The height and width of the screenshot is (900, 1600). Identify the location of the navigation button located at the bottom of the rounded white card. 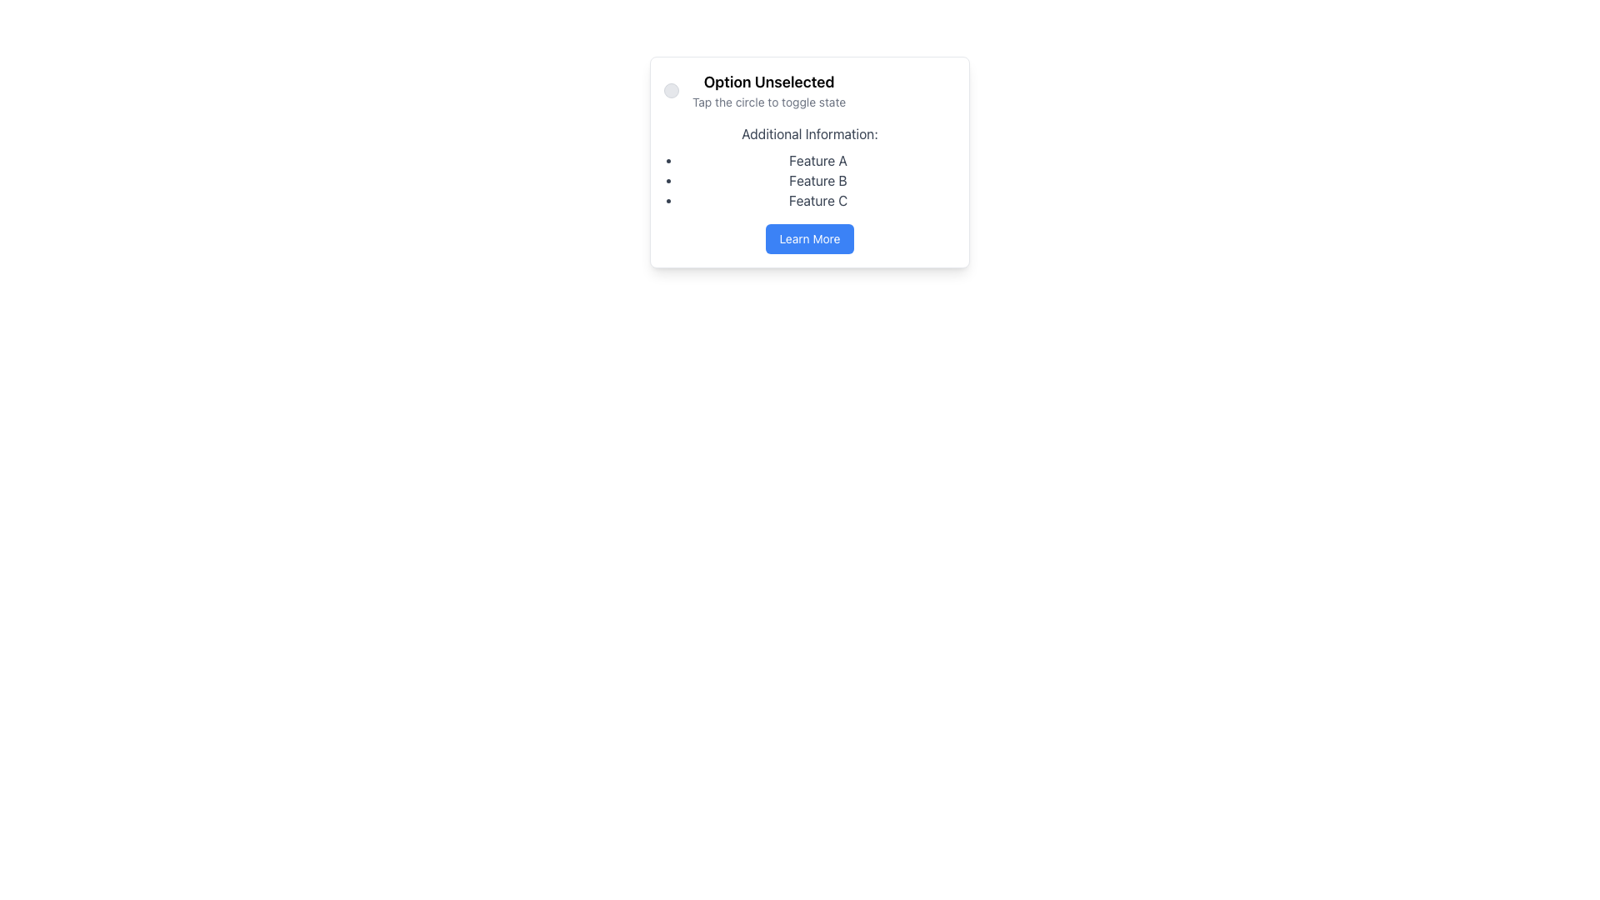
(809, 238).